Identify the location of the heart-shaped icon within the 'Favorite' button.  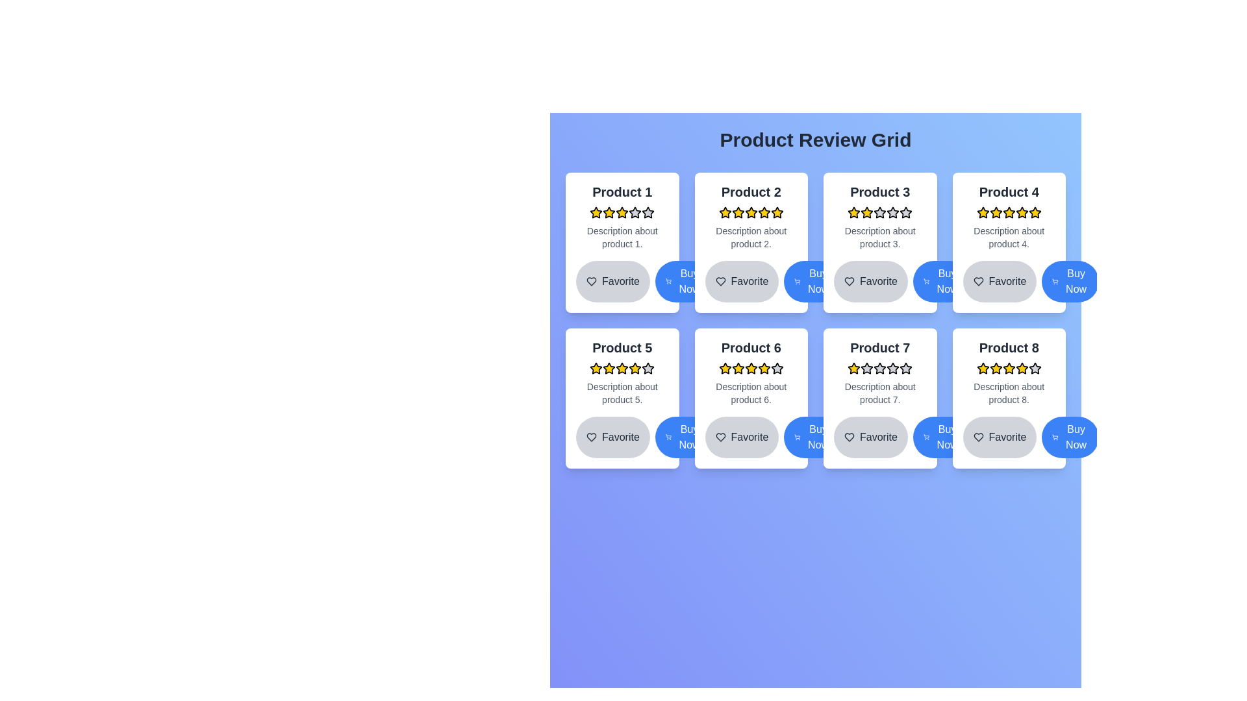
(591, 281).